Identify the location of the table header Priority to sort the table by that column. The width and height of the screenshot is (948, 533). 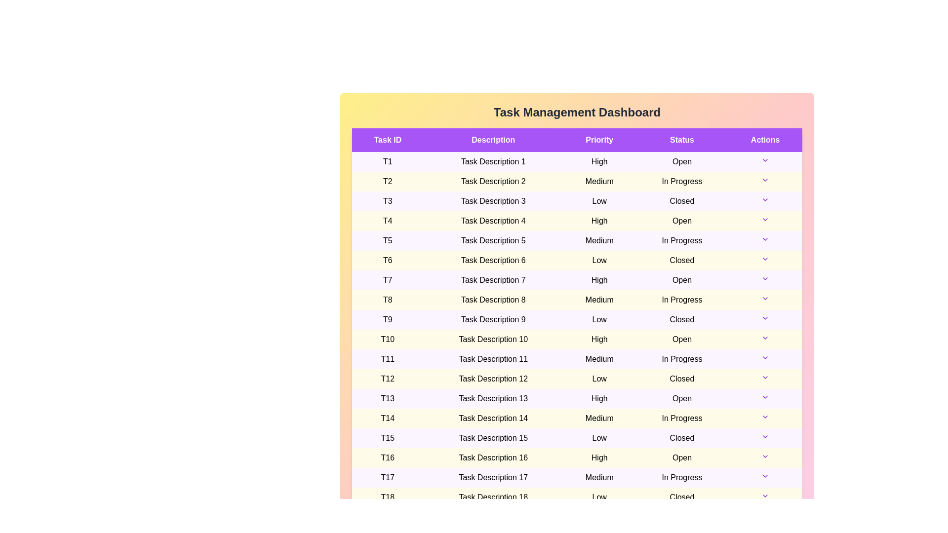
(599, 140).